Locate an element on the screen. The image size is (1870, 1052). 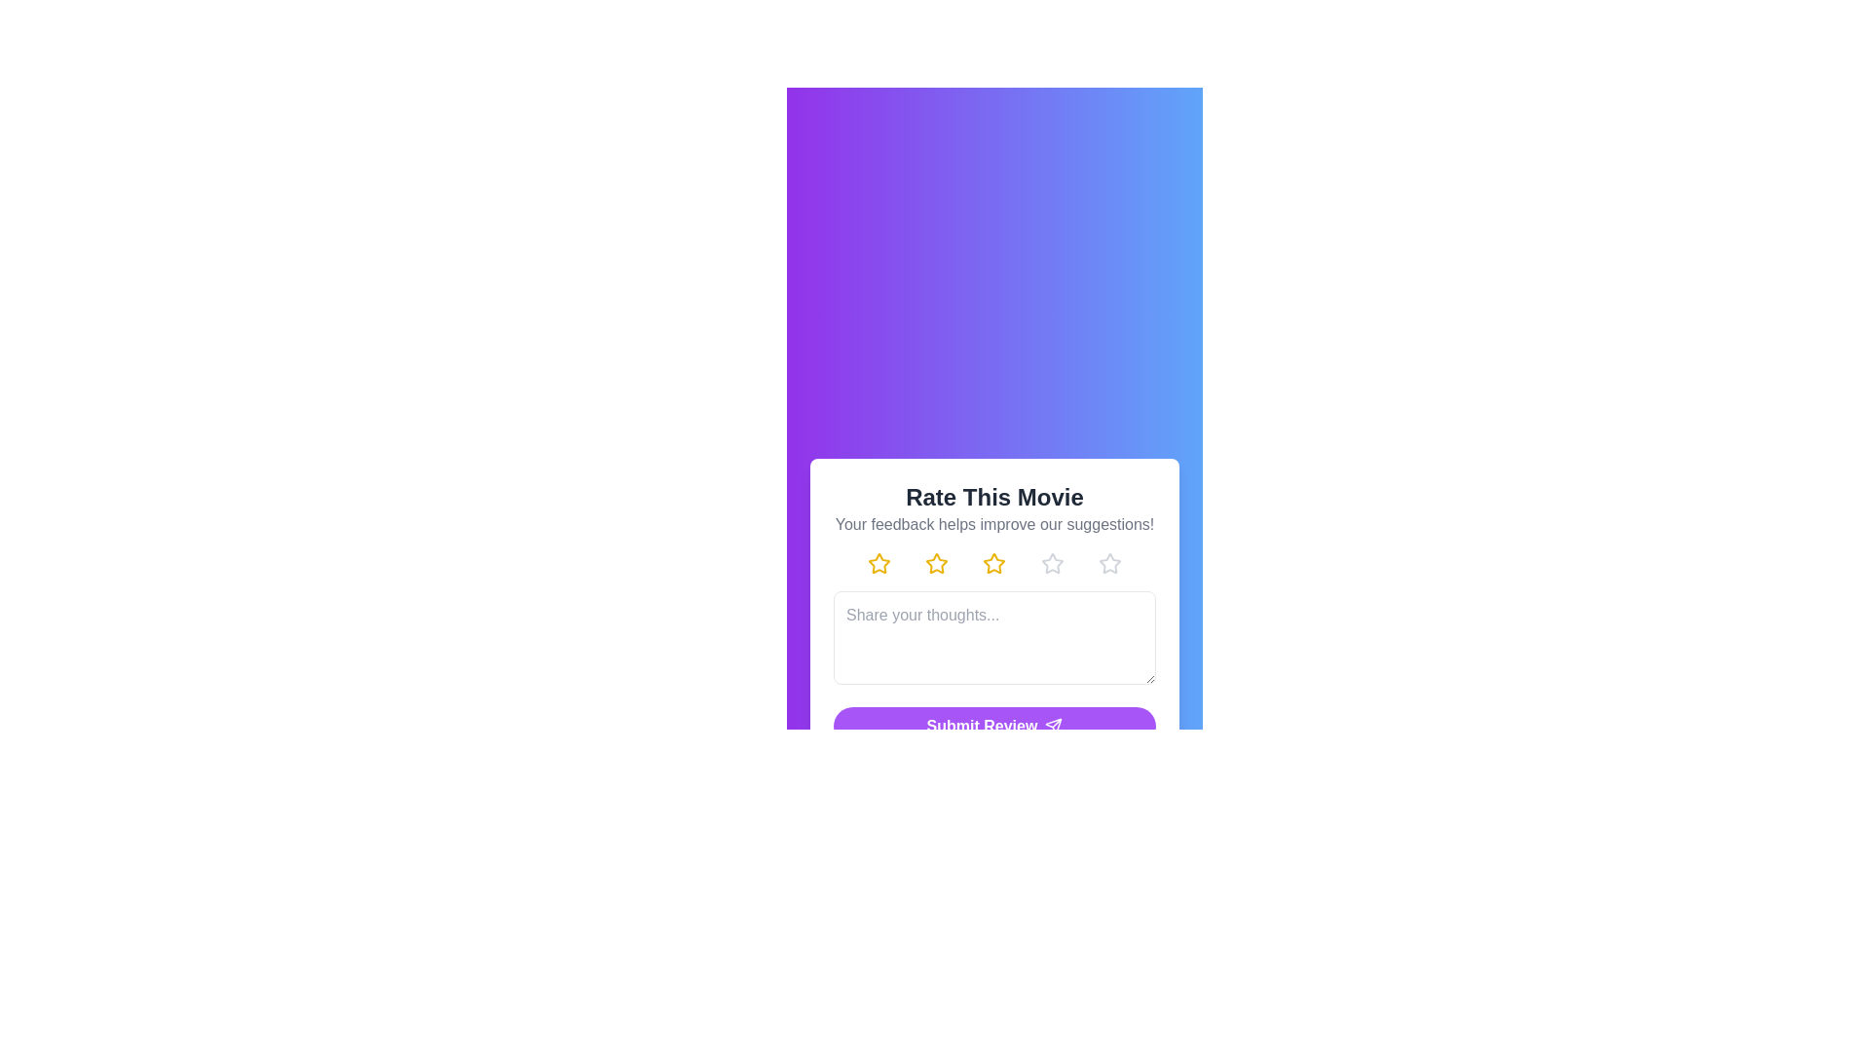
the informative static text display encouraging users to give feedback about the movie's rating functionality, located below the 'Rate This Movie' title is located at coordinates (994, 523).